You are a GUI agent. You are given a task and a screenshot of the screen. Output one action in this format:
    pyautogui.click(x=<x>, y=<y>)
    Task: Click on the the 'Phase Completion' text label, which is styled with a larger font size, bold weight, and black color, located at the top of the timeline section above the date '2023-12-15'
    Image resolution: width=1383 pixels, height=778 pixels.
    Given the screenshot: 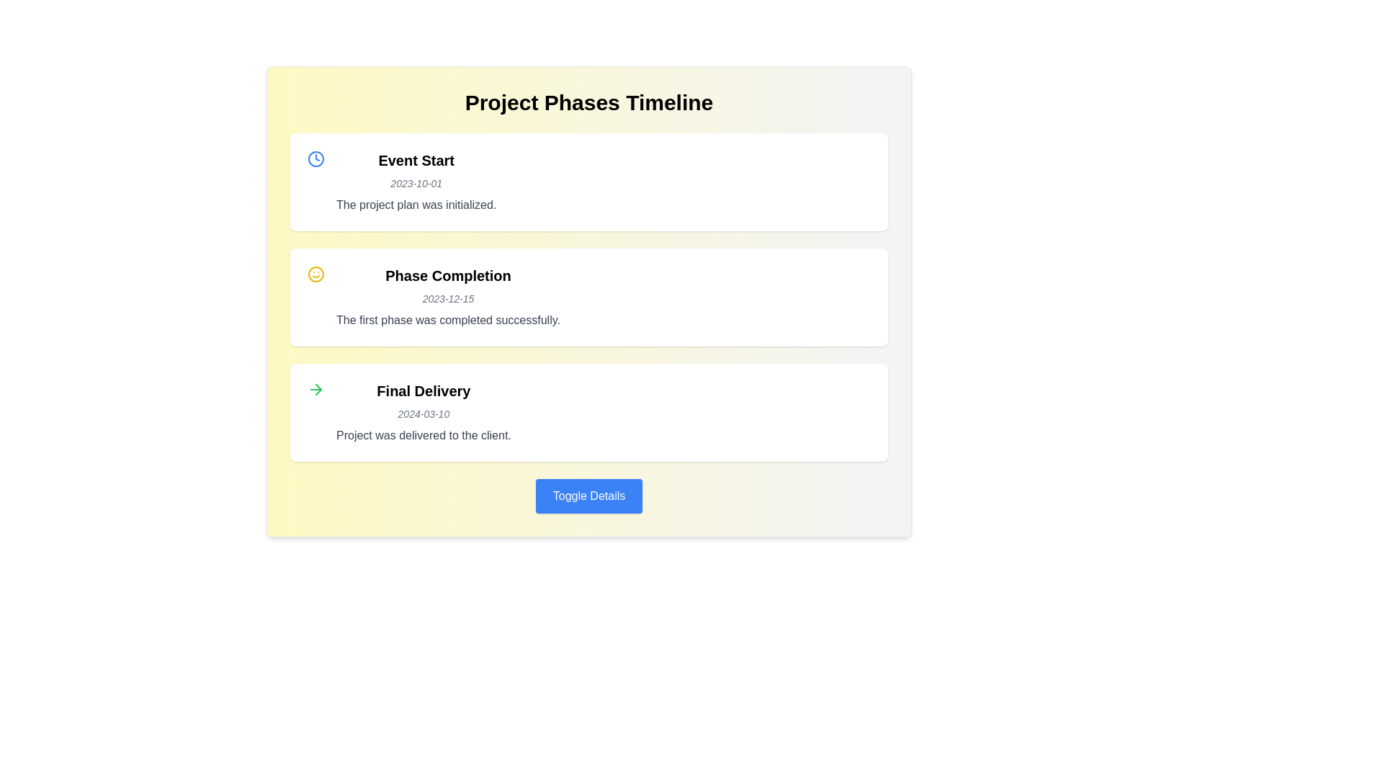 What is the action you would take?
    pyautogui.click(x=447, y=275)
    